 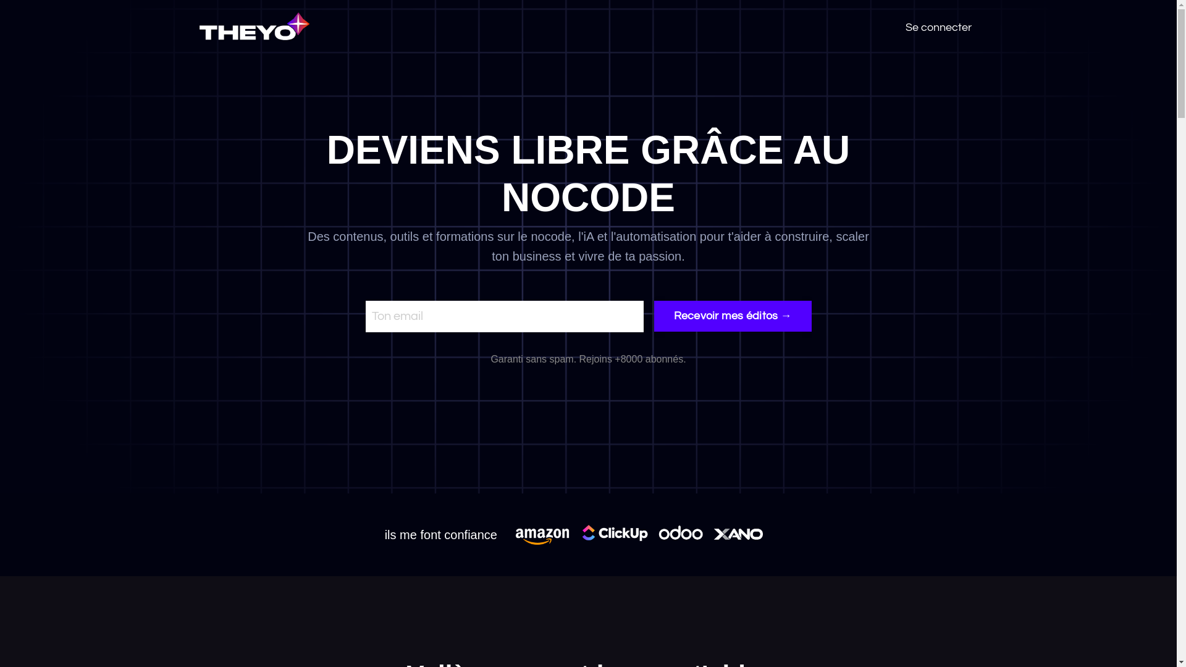 I want to click on 'Se connecter', so click(x=938, y=27).